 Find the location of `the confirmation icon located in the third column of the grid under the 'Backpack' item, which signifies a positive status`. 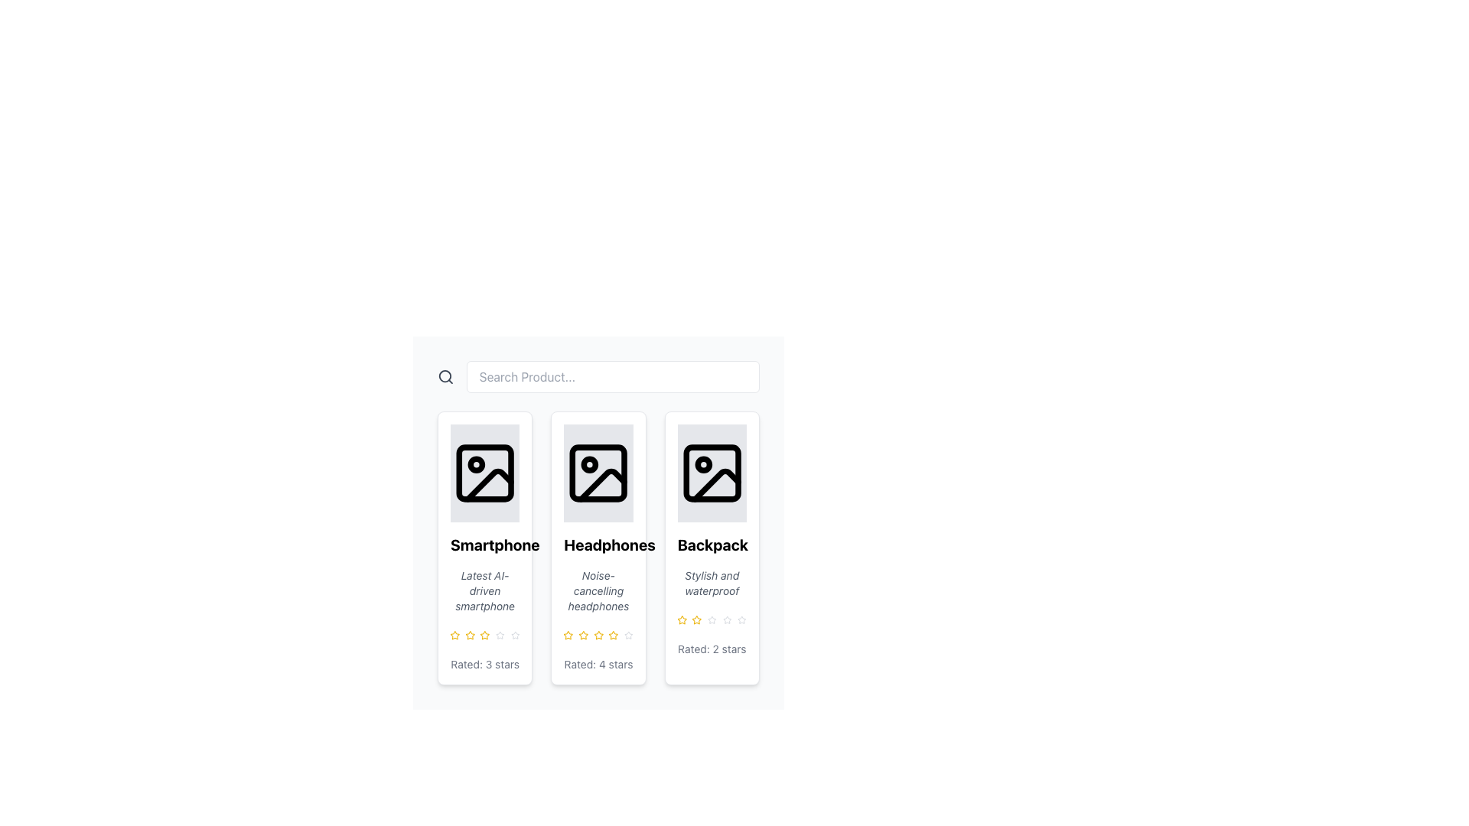

the confirmation icon located in the third column of the grid under the 'Backpack' item, which signifies a positive status is located at coordinates (670, 545).